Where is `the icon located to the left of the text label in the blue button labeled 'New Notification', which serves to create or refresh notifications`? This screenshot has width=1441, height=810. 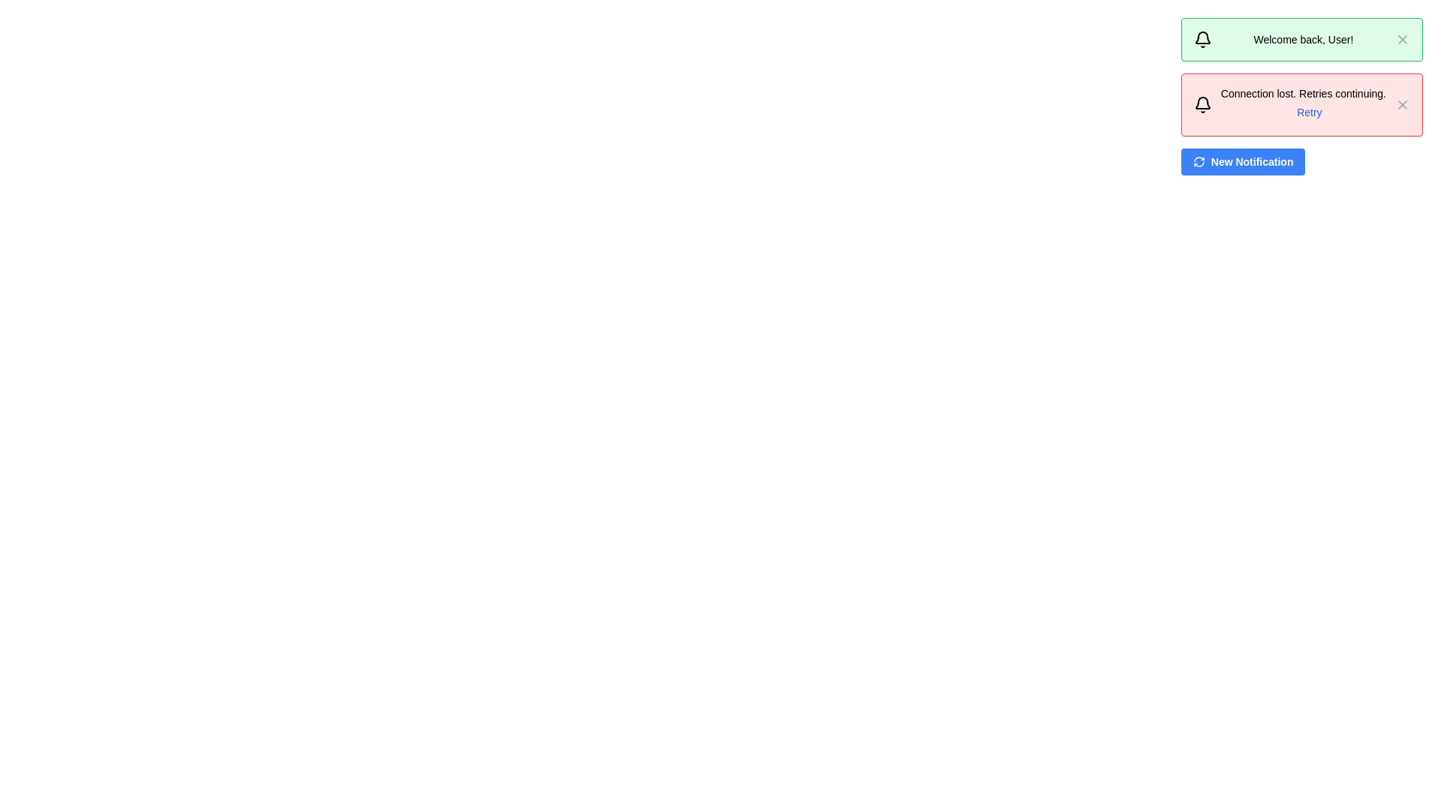 the icon located to the left of the text label in the blue button labeled 'New Notification', which serves to create or refresh notifications is located at coordinates (1198, 162).